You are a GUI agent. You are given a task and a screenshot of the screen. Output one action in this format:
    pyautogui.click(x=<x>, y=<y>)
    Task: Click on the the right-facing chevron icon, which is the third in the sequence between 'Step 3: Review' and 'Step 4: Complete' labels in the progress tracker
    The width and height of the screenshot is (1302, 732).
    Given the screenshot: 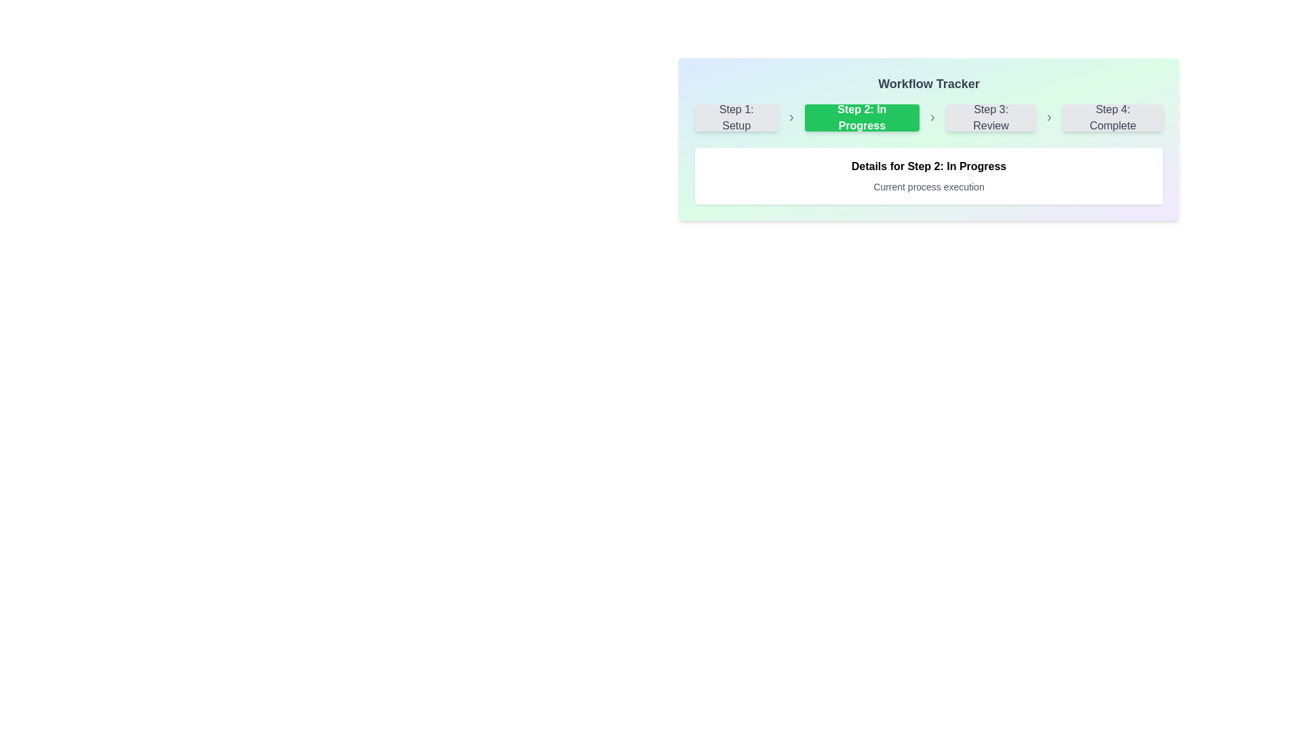 What is the action you would take?
    pyautogui.click(x=1048, y=117)
    